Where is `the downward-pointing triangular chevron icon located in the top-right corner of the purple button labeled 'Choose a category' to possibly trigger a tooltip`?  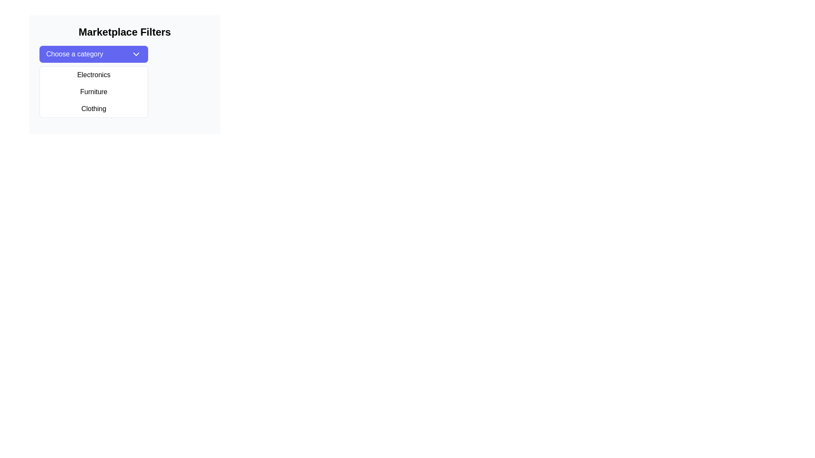 the downward-pointing triangular chevron icon located in the top-right corner of the purple button labeled 'Choose a category' to possibly trigger a tooltip is located at coordinates (136, 54).